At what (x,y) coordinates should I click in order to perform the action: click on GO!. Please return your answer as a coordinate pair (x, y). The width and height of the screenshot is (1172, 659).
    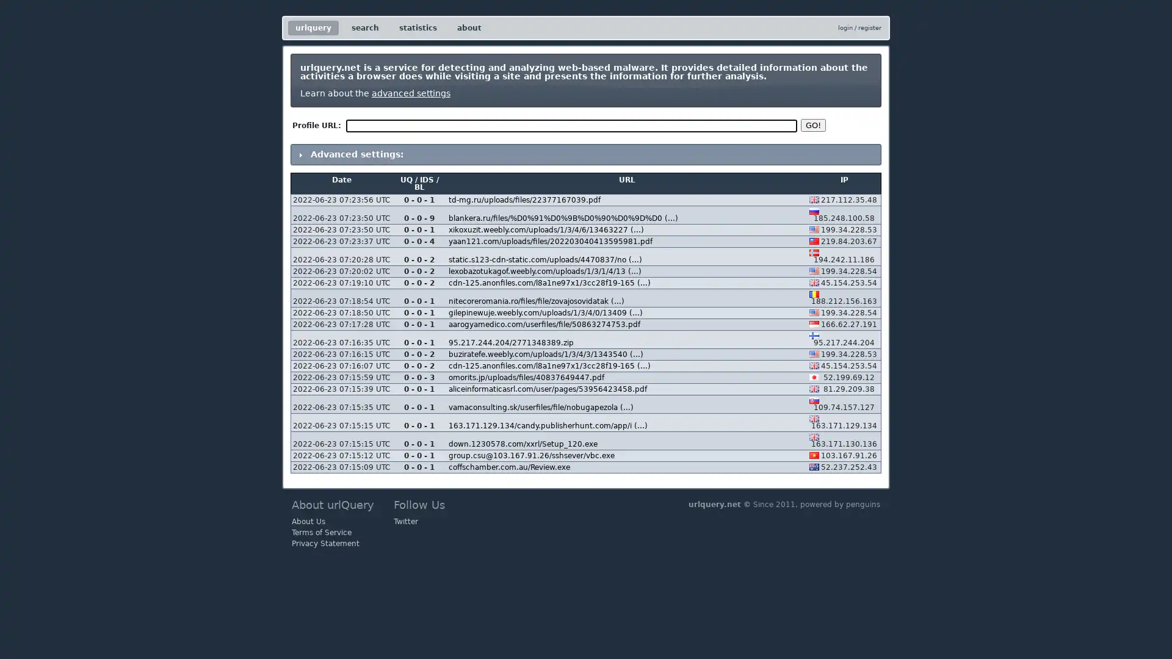
    Looking at the image, I should click on (813, 125).